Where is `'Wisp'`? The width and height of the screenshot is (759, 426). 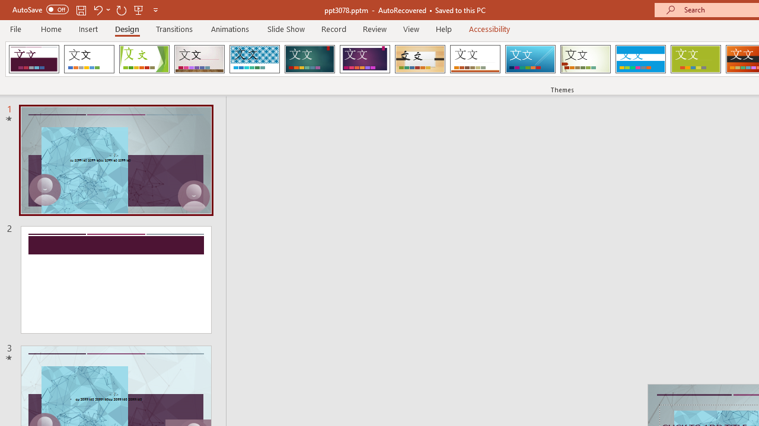
'Wisp' is located at coordinates (585, 59).